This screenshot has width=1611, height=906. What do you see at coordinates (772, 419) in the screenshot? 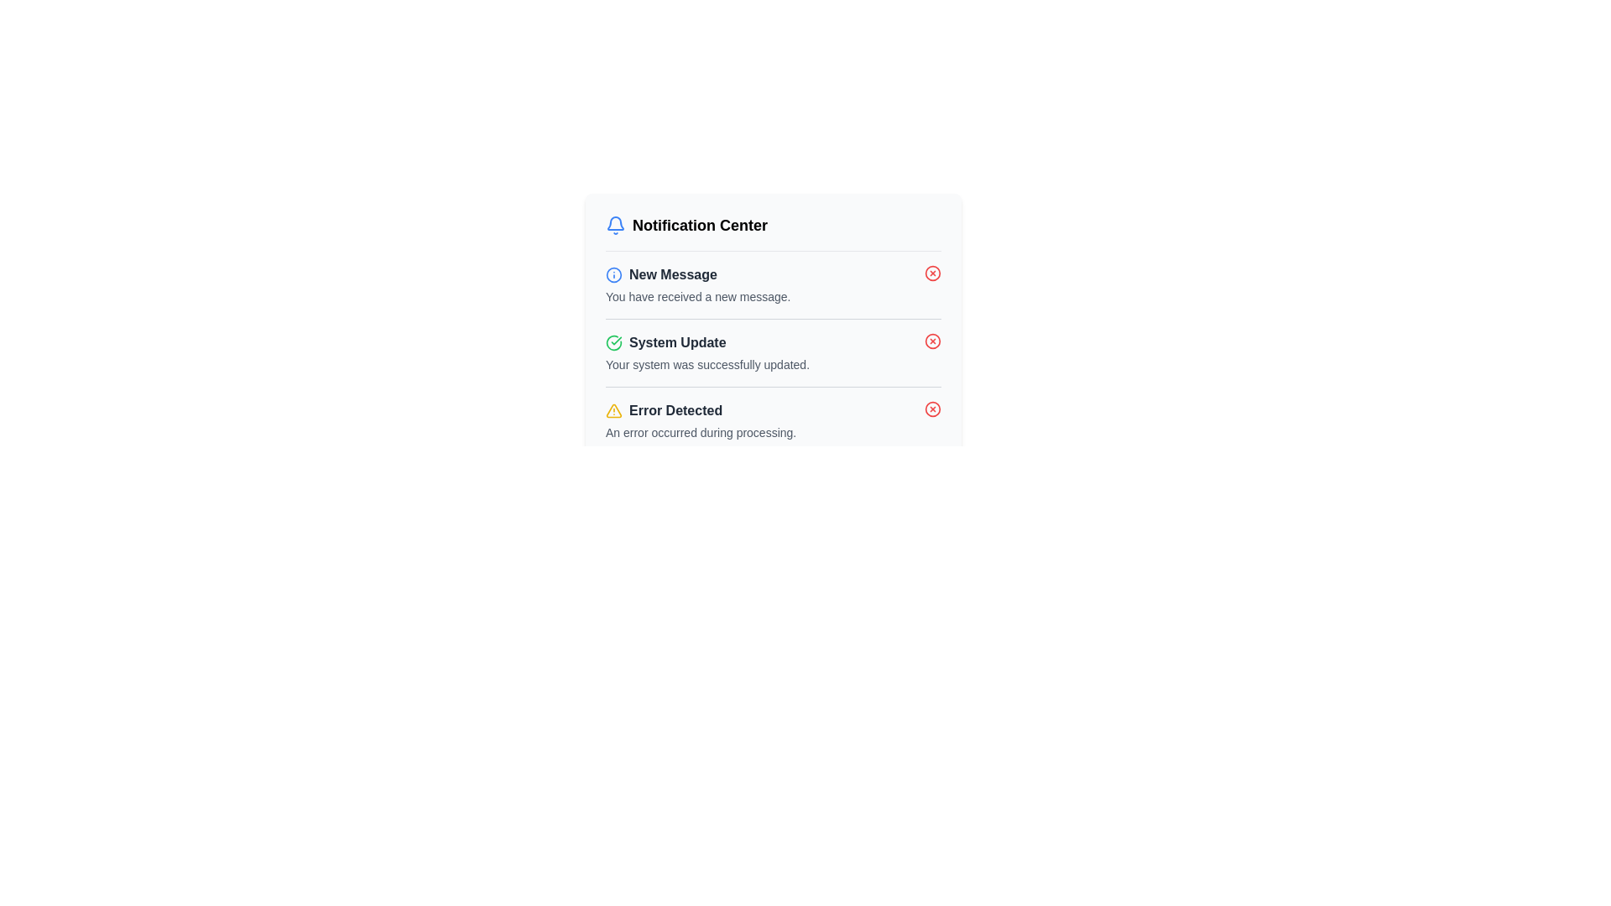
I see `informational notification entry that indicates an error during processing, which is the last item in the vertical list of notifications` at bounding box center [772, 419].